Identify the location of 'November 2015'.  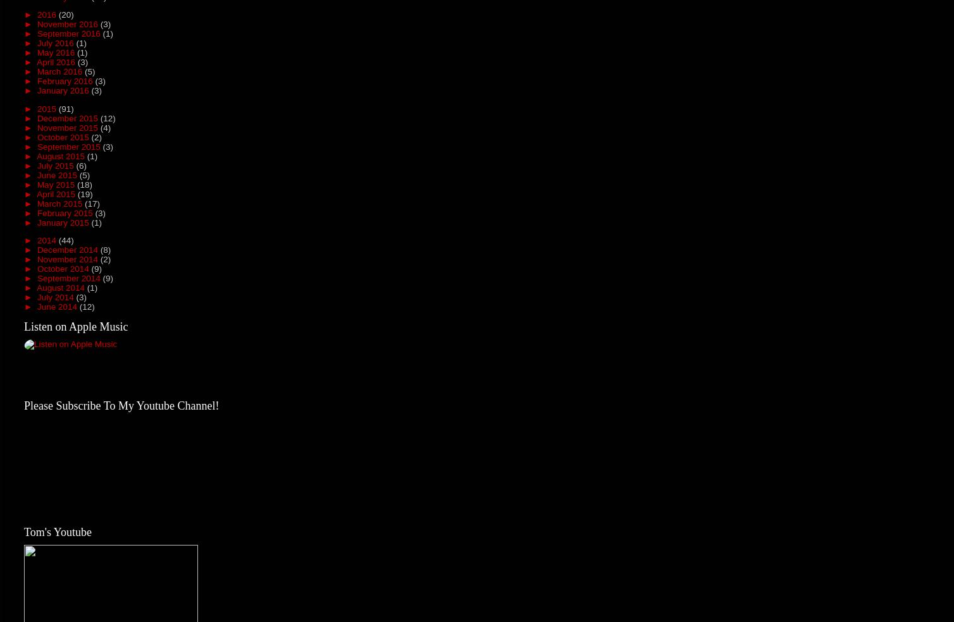
(68, 127).